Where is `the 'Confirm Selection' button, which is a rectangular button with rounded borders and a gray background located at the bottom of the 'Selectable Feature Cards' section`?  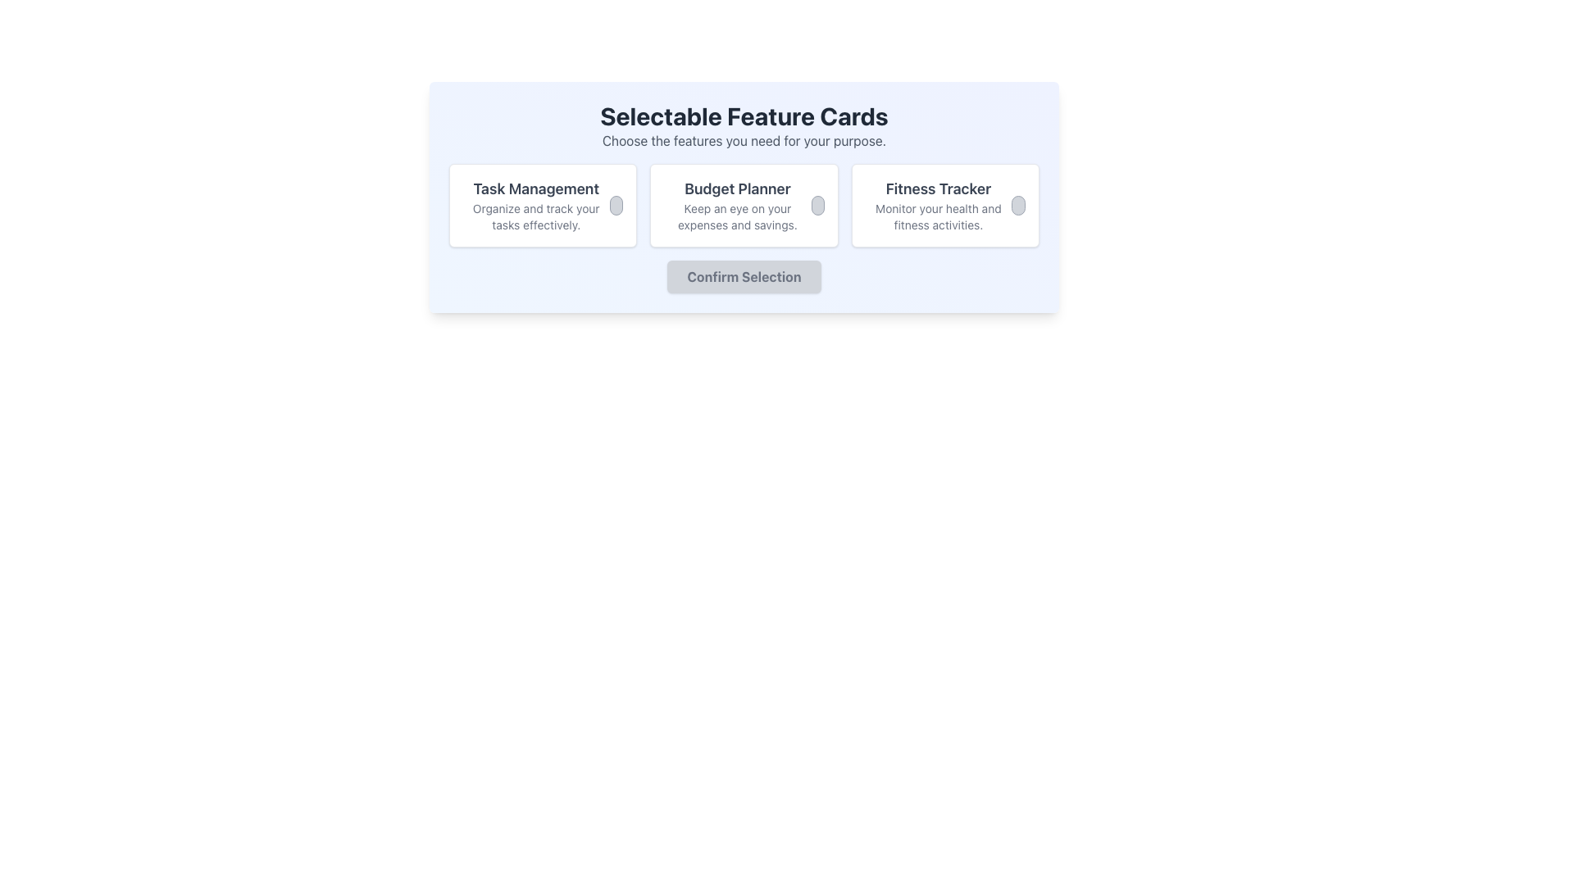
the 'Confirm Selection' button, which is a rectangular button with rounded borders and a gray background located at the bottom of the 'Selectable Feature Cards' section is located at coordinates (743, 276).